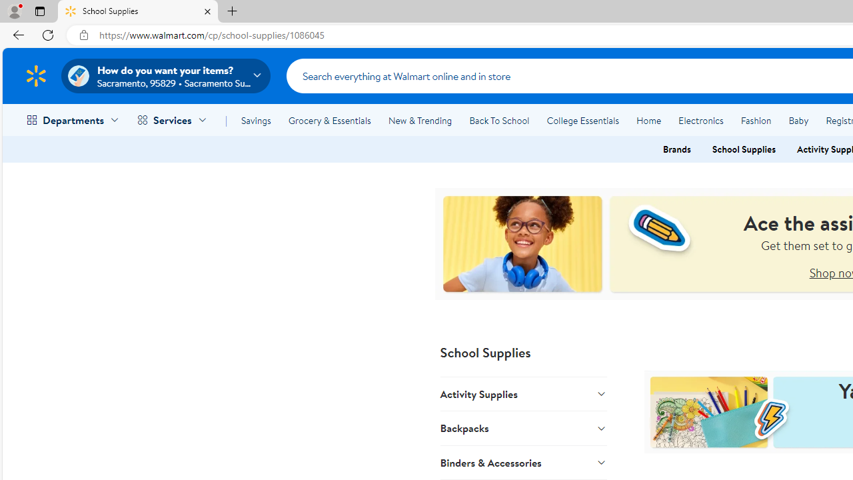 This screenshot has height=480, width=853. What do you see at coordinates (35, 75) in the screenshot?
I see `'Walmart Homepage'` at bounding box center [35, 75].